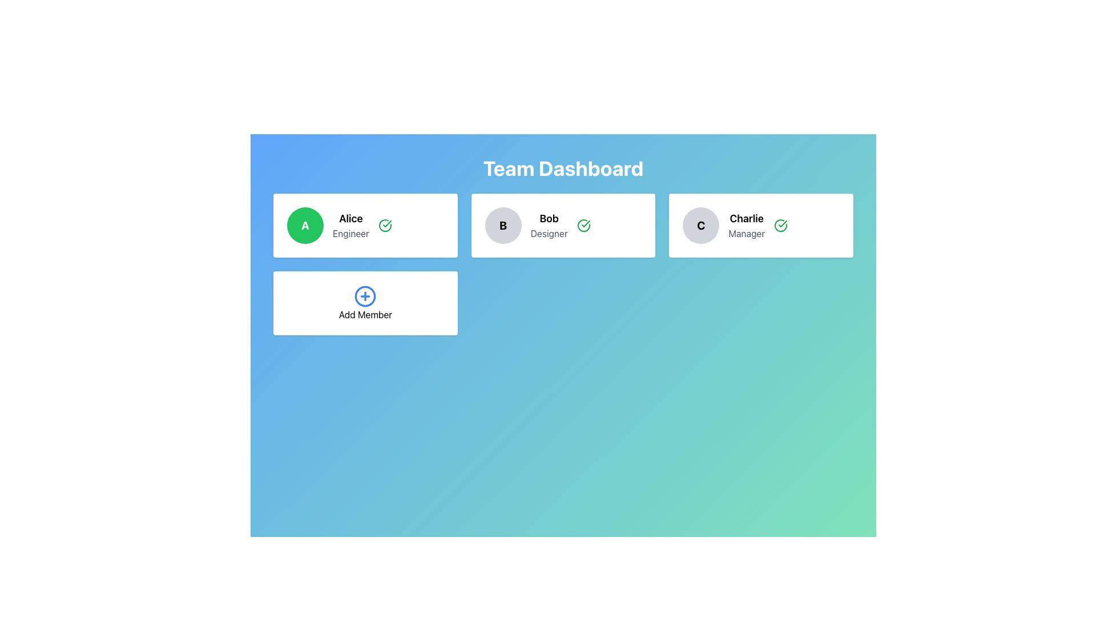 The image size is (1096, 617). Describe the element at coordinates (549, 218) in the screenshot. I see `assistive tools` at that location.